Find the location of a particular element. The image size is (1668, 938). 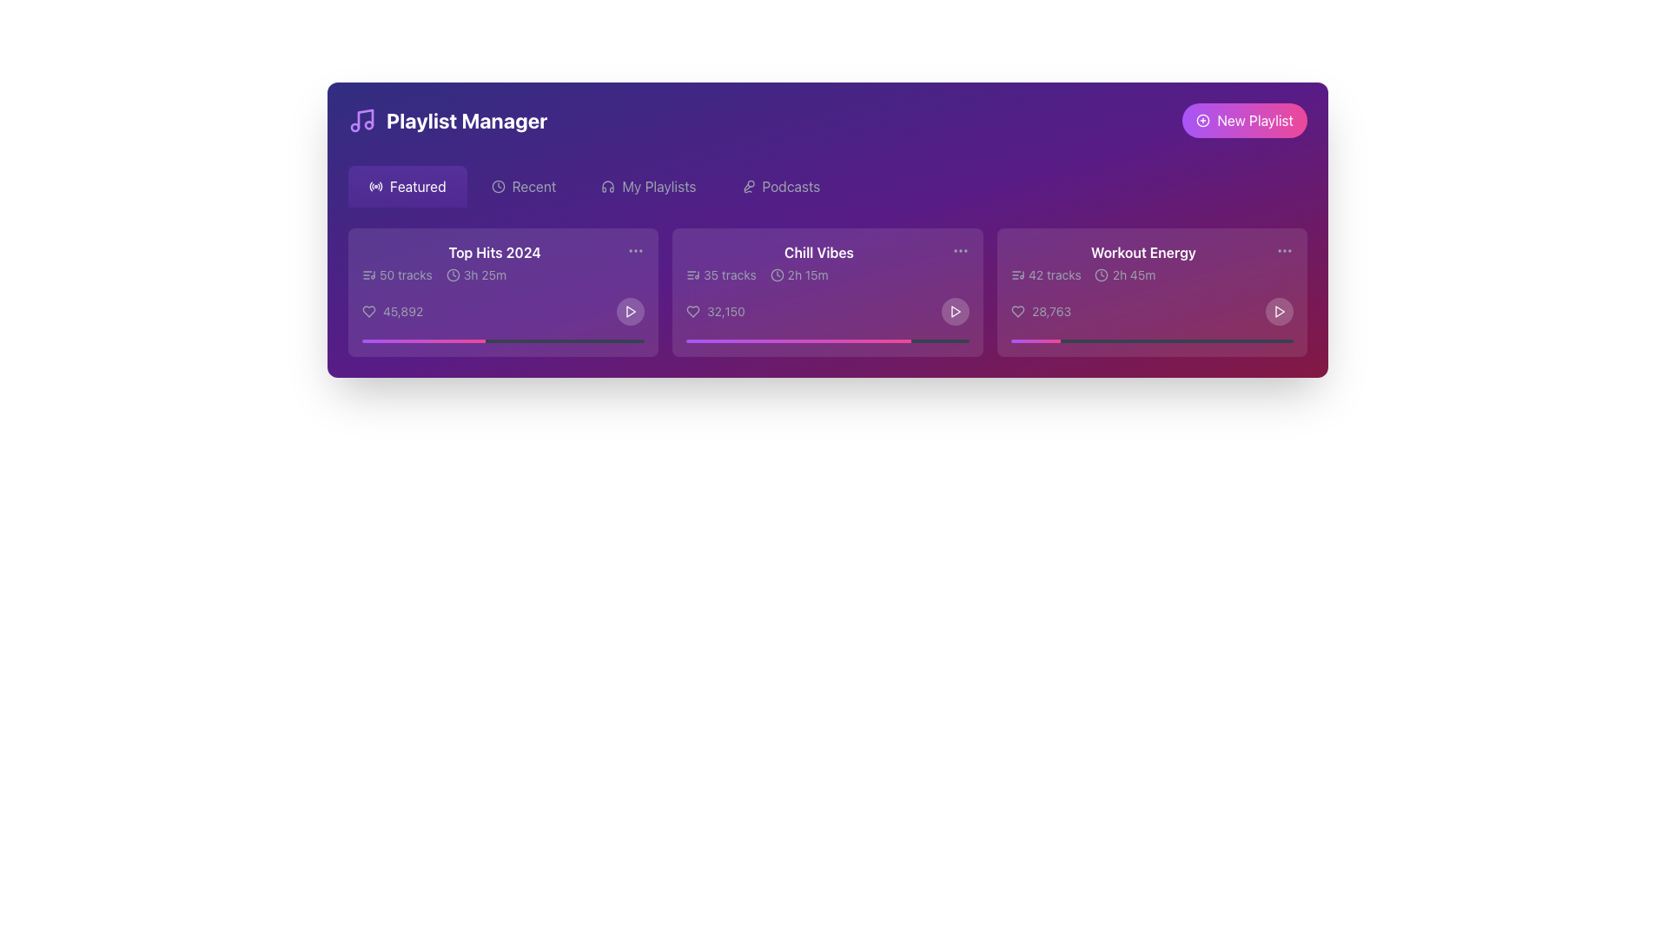

the visual feedback by hovering over the circular icon that represents adding a new playlist, located to the left of the 'New Playlist' button in the top-right corner of the interface is located at coordinates (1202, 119).